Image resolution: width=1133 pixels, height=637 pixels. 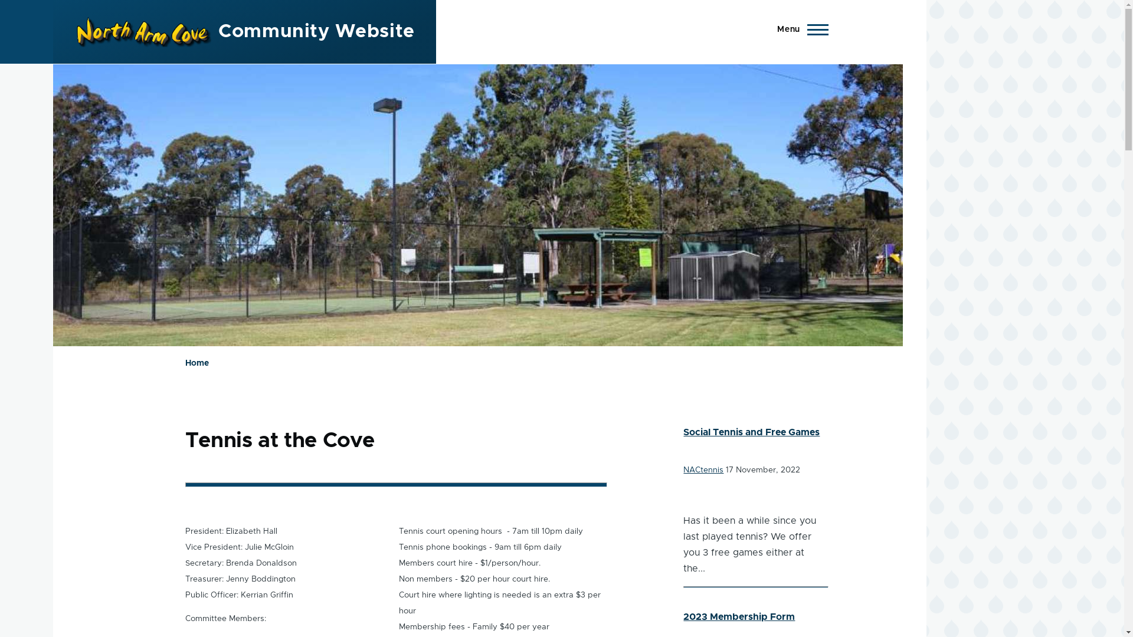 What do you see at coordinates (197, 363) in the screenshot?
I see `'Home'` at bounding box center [197, 363].